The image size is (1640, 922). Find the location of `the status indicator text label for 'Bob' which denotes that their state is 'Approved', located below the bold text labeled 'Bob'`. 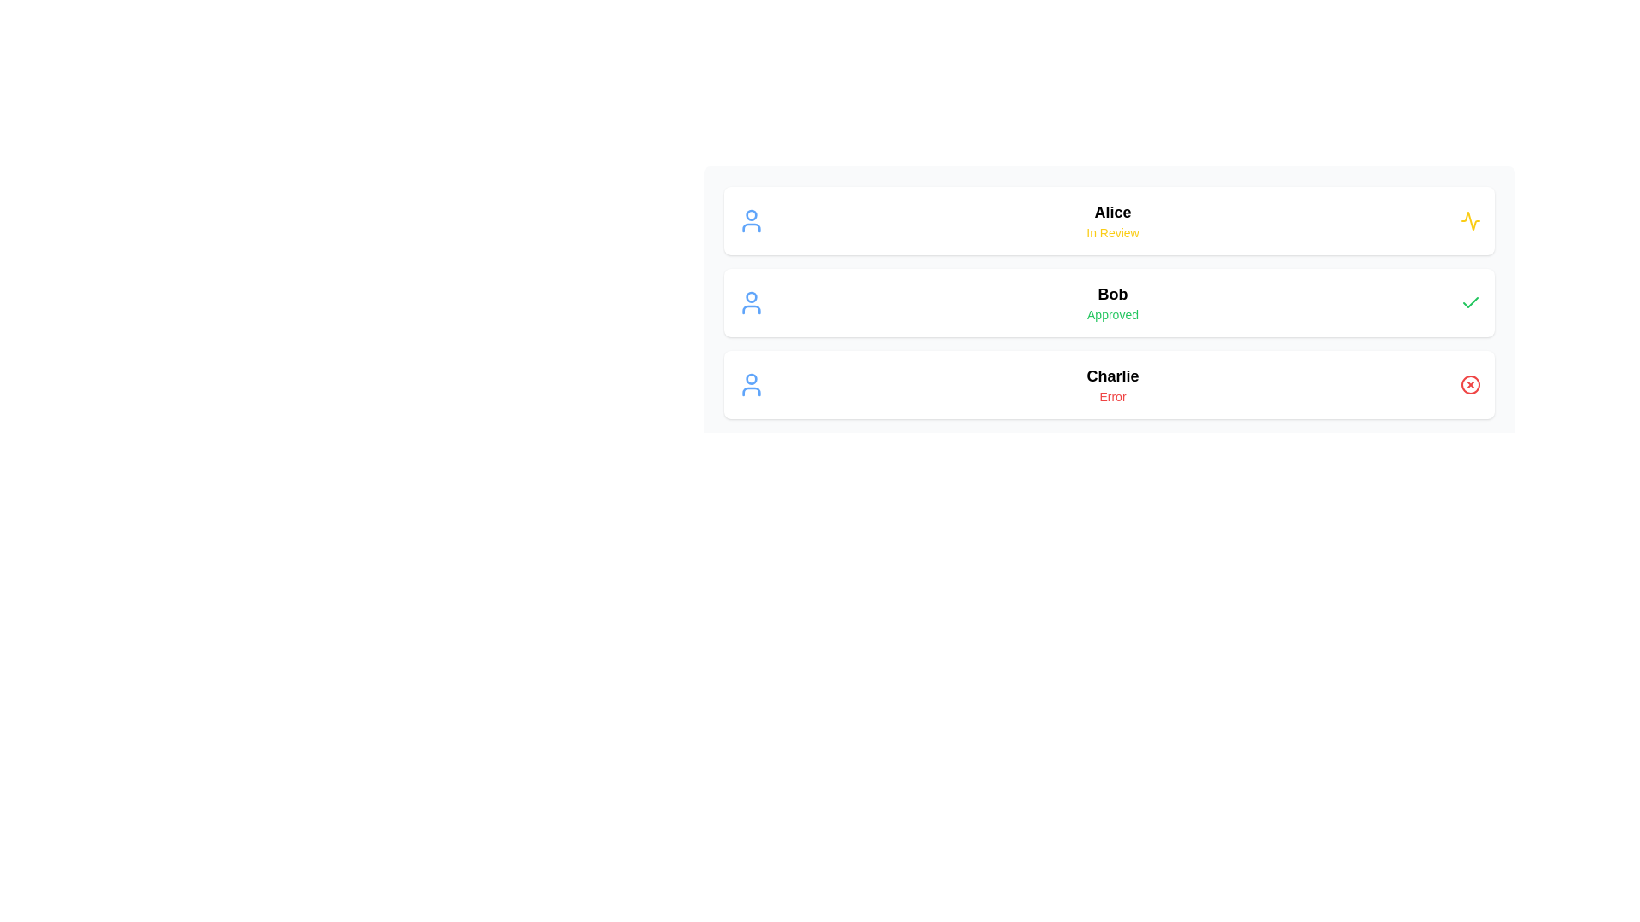

the status indicator text label for 'Bob' which denotes that their state is 'Approved', located below the bold text labeled 'Bob' is located at coordinates (1112, 315).